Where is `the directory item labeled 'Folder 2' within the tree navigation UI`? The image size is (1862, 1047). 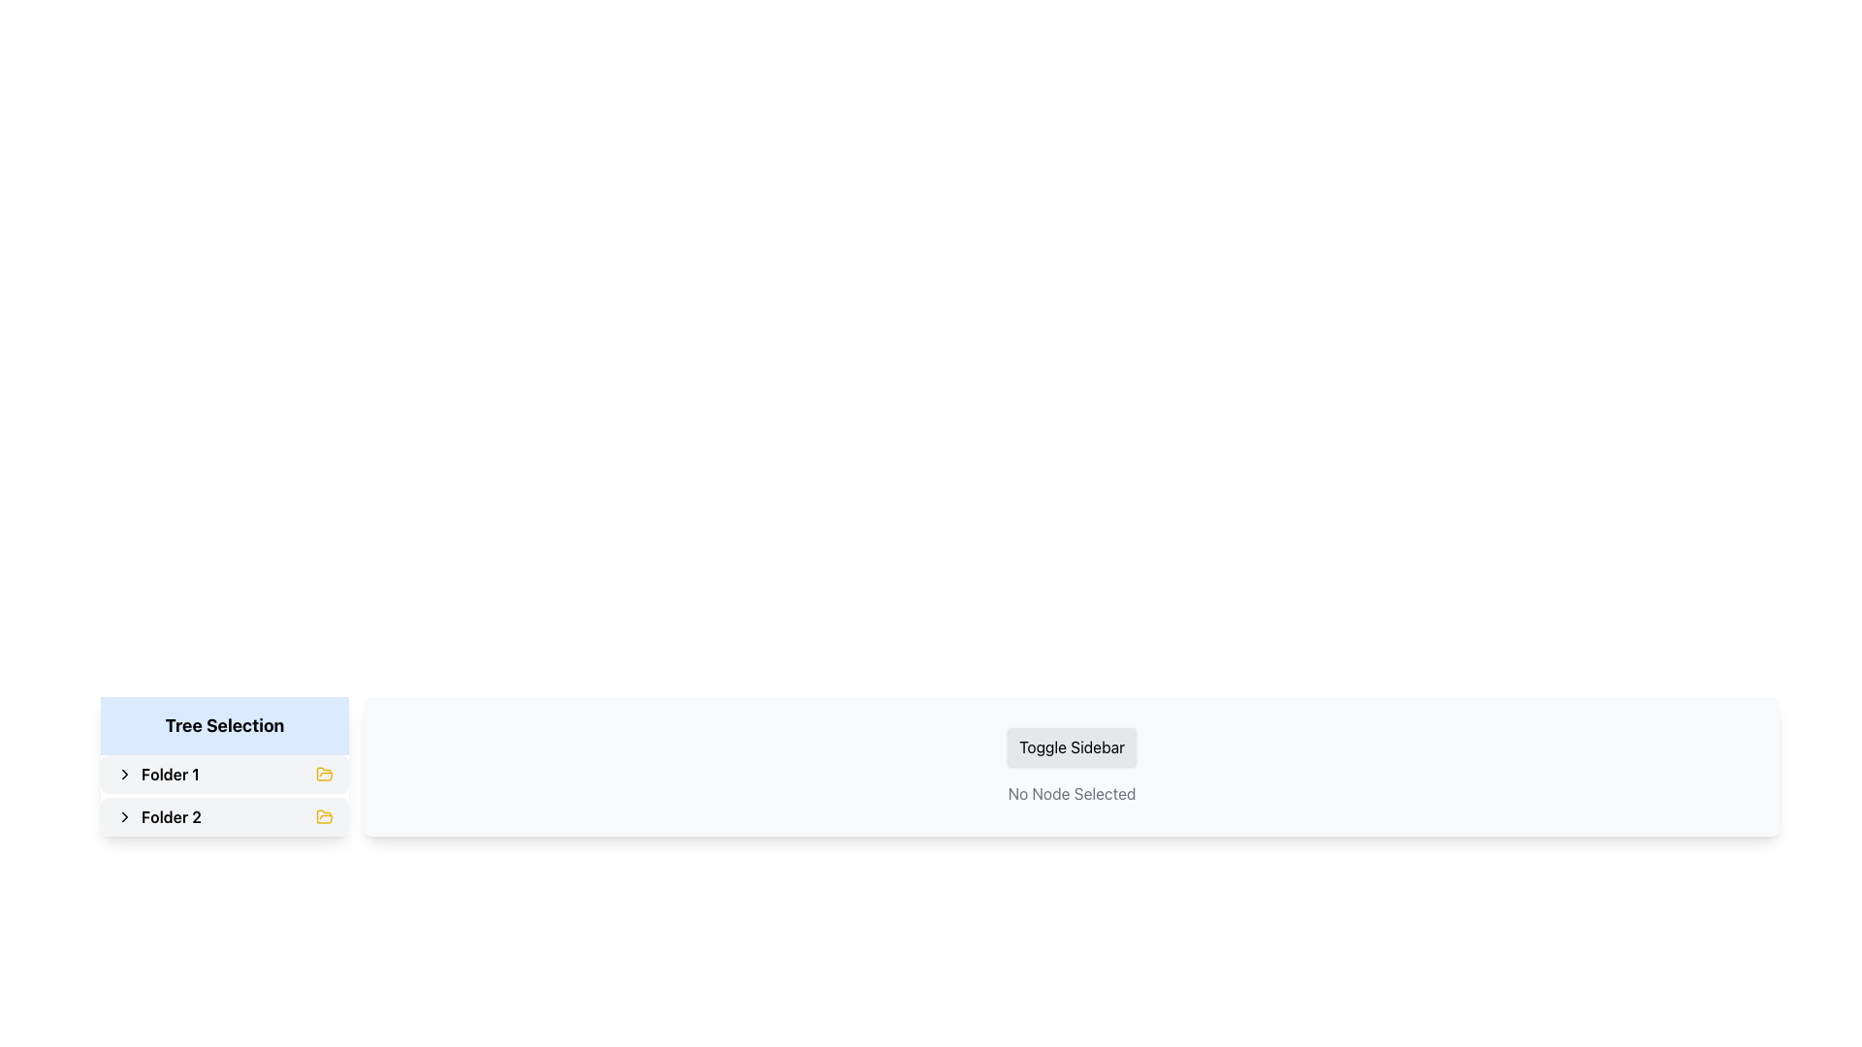 the directory item labeled 'Folder 2' within the tree navigation UI is located at coordinates (224, 817).